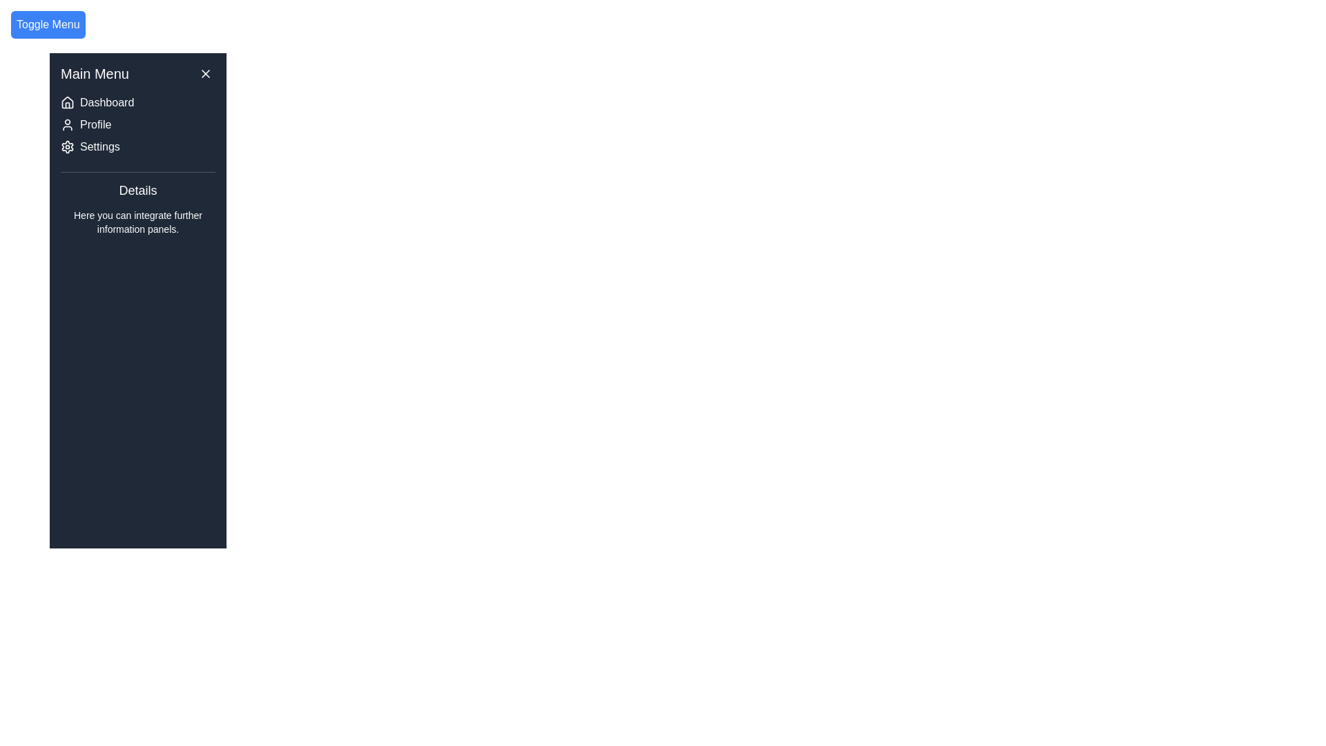  Describe the element at coordinates (138, 191) in the screenshot. I see `the label or heading element positioned in the vertical navigation menu, located above the description text and below the horizontal separator line` at that location.